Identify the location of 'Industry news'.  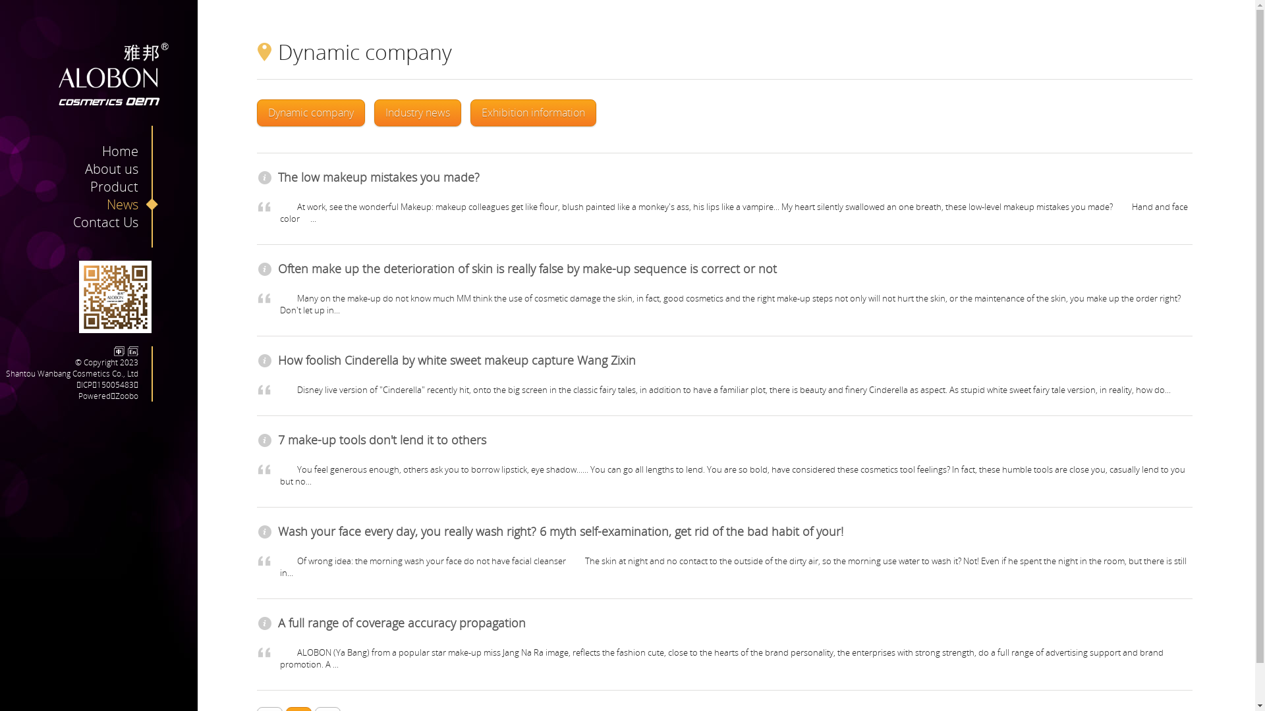
(416, 112).